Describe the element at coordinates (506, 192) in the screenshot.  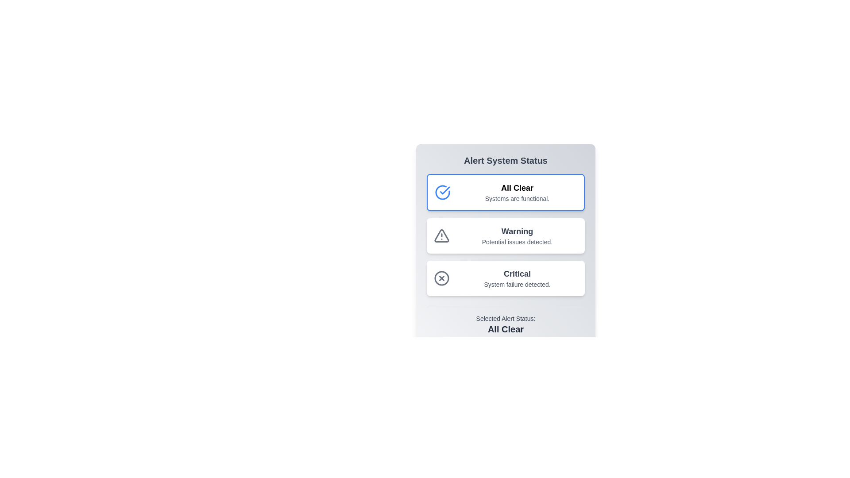
I see `the alert status button indicating all systems are operational, located below the title 'Alert System Status'` at that location.